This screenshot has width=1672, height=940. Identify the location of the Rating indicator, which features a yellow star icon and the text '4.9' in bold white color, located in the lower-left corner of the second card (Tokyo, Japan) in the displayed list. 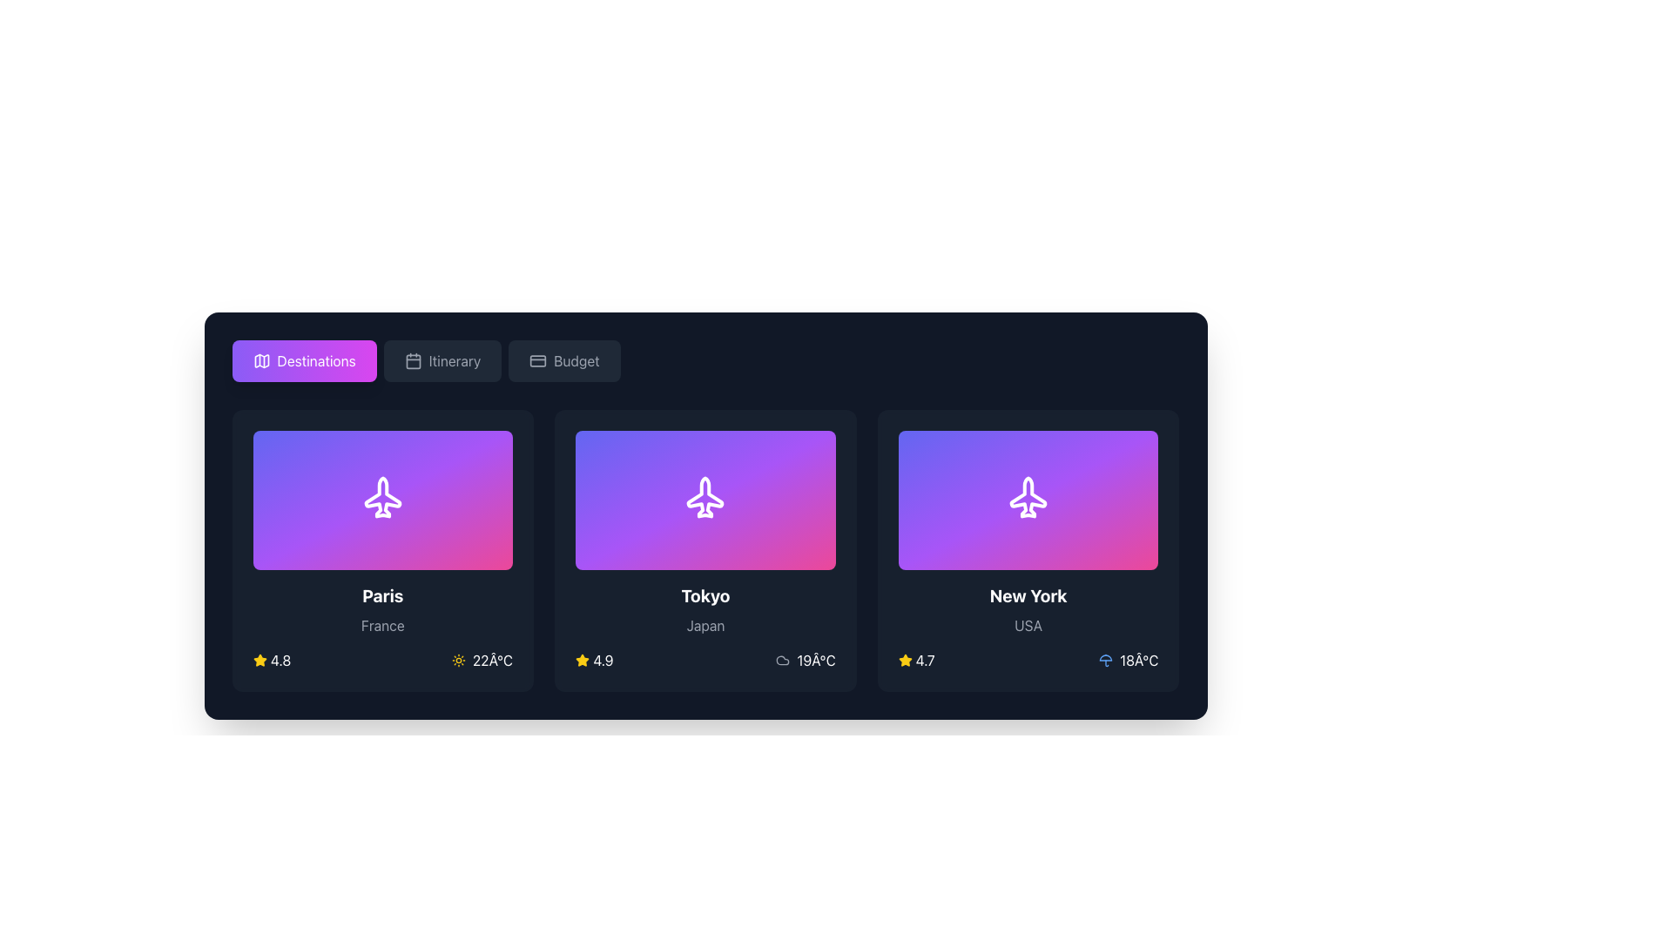
(594, 661).